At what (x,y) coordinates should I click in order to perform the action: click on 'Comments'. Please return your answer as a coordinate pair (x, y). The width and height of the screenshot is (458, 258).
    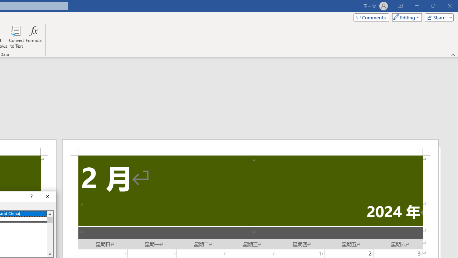
    Looking at the image, I should click on (371, 17).